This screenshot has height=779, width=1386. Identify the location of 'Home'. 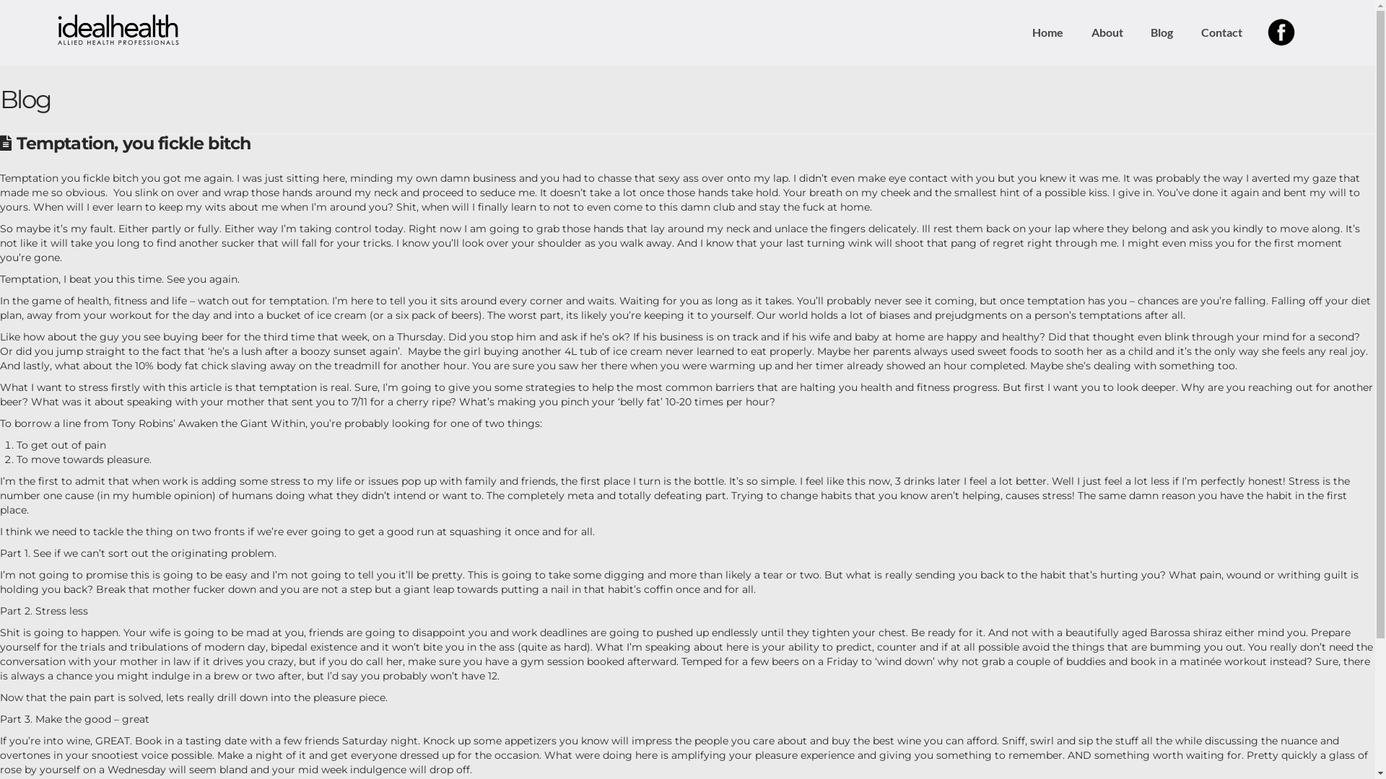
(1047, 32).